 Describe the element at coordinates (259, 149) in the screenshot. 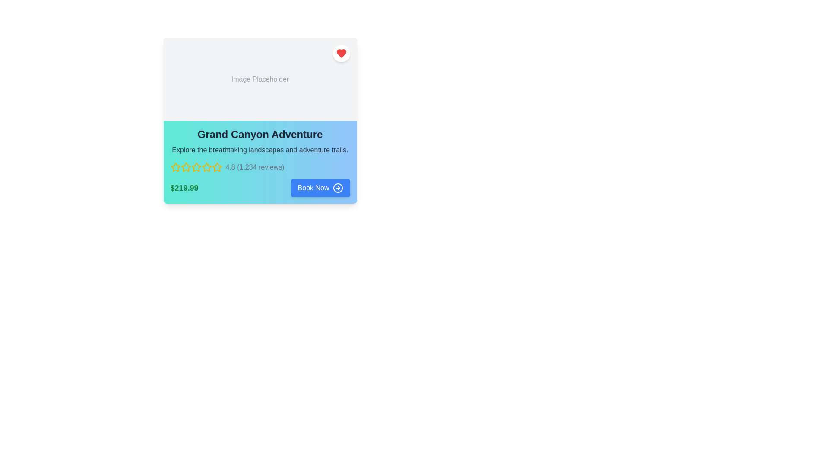

I see `the text block providing a brief description of the 'Grand Canyon Adventure' attraction, located below the title and above the rating stars` at that location.